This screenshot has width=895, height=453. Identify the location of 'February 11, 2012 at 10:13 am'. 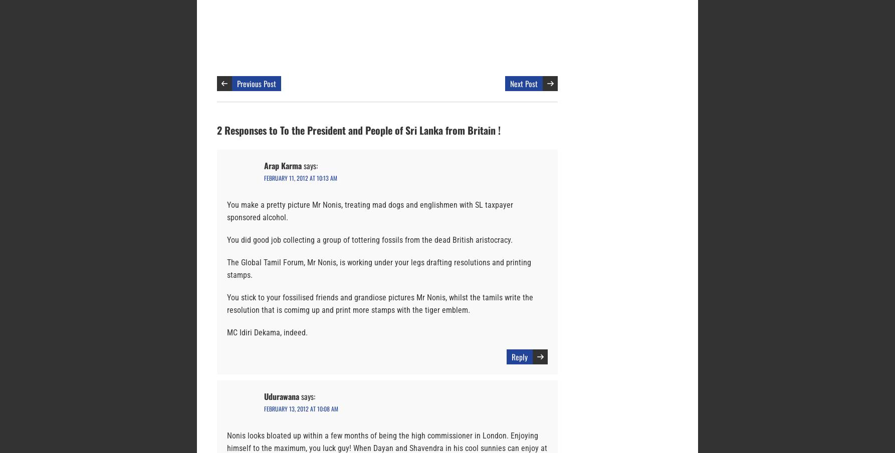
(300, 178).